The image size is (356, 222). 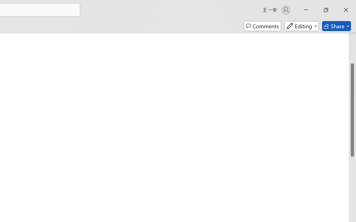 I want to click on 'Close', so click(x=346, y=10).